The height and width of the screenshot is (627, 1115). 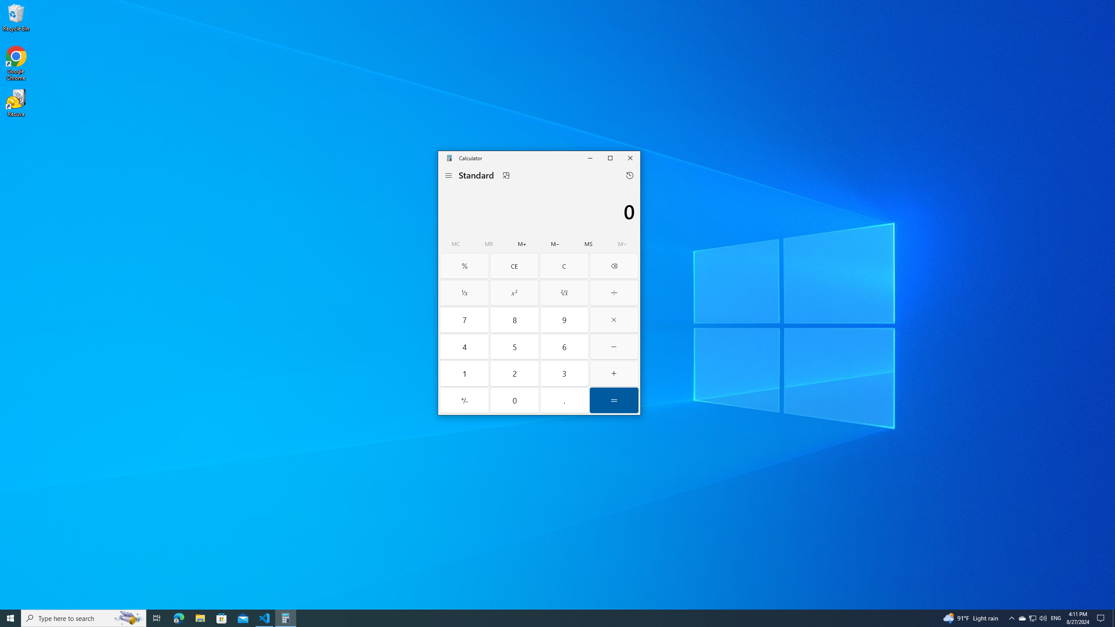 What do you see at coordinates (588, 243) in the screenshot?
I see `'Memory store'` at bounding box center [588, 243].